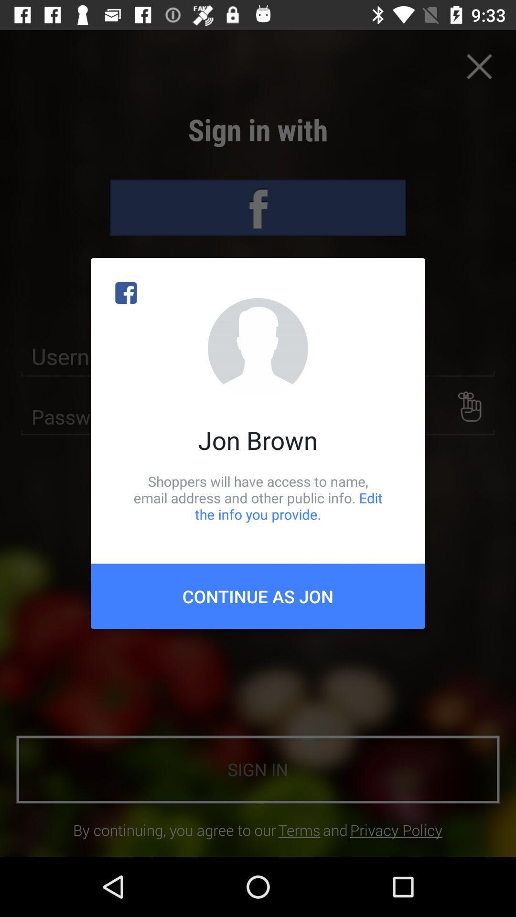 This screenshot has height=917, width=516. Describe the element at coordinates (258, 596) in the screenshot. I see `the continue as jon` at that location.